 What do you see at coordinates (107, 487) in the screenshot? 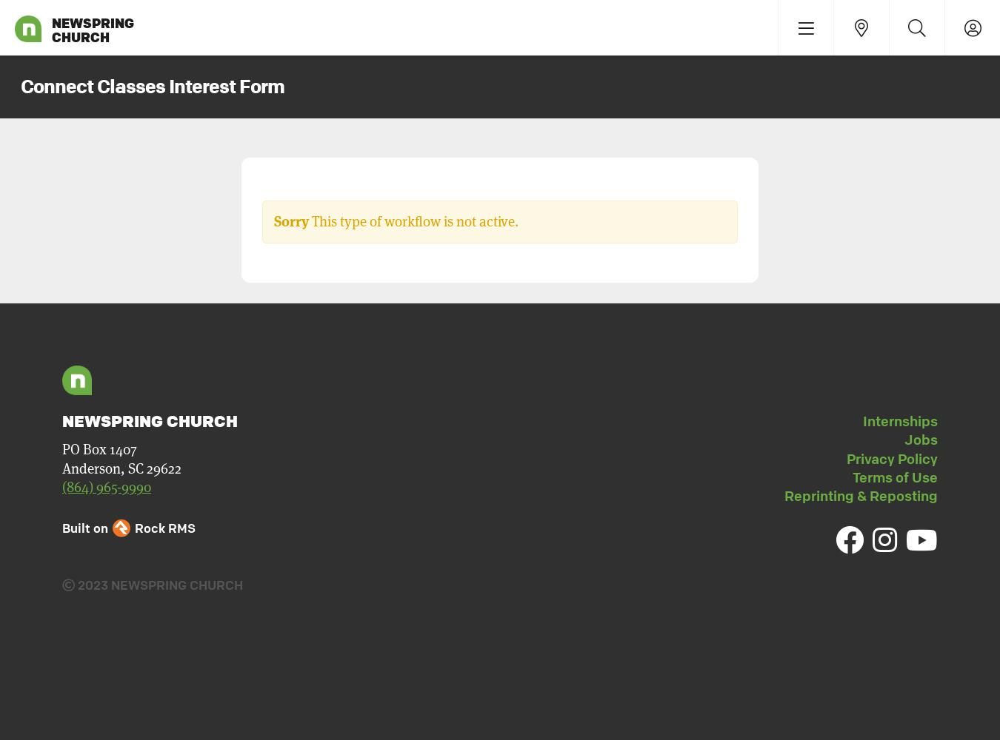
I see `'(864) 965-9990'` at bounding box center [107, 487].